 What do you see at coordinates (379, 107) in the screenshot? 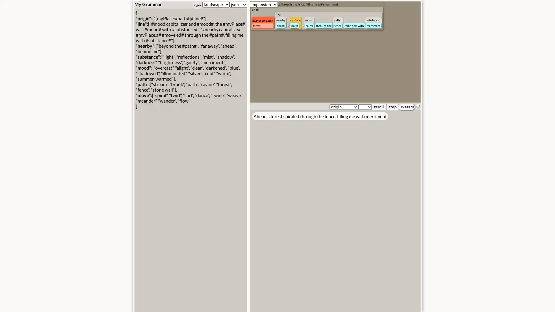
I see `reroll` at bounding box center [379, 107].